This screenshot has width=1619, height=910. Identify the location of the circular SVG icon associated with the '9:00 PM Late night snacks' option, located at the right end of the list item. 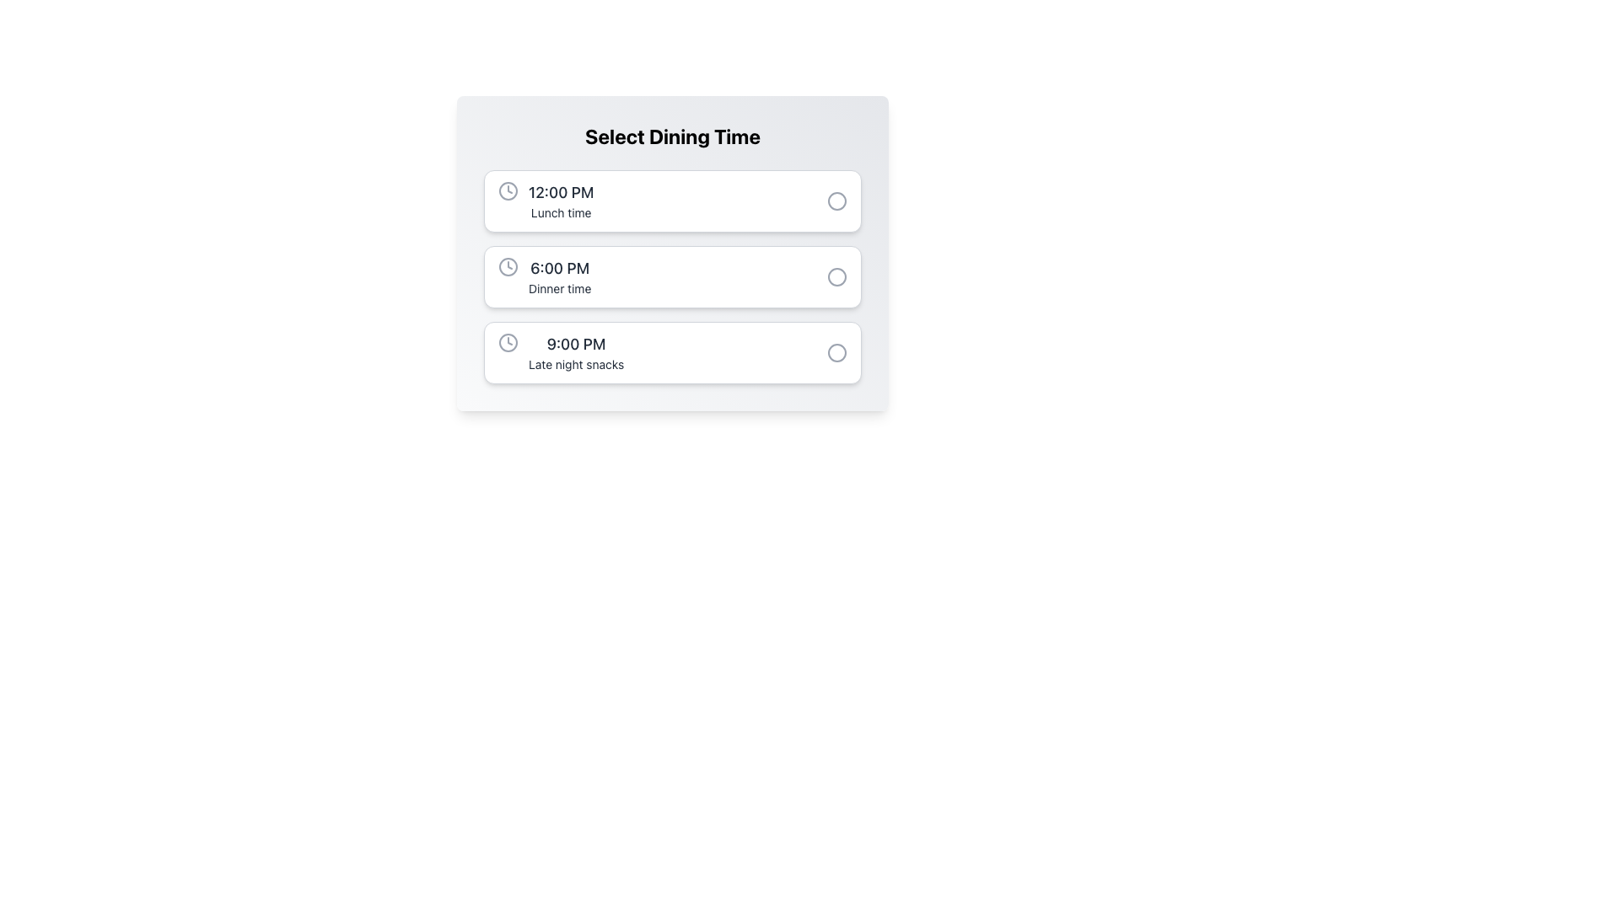
(837, 352).